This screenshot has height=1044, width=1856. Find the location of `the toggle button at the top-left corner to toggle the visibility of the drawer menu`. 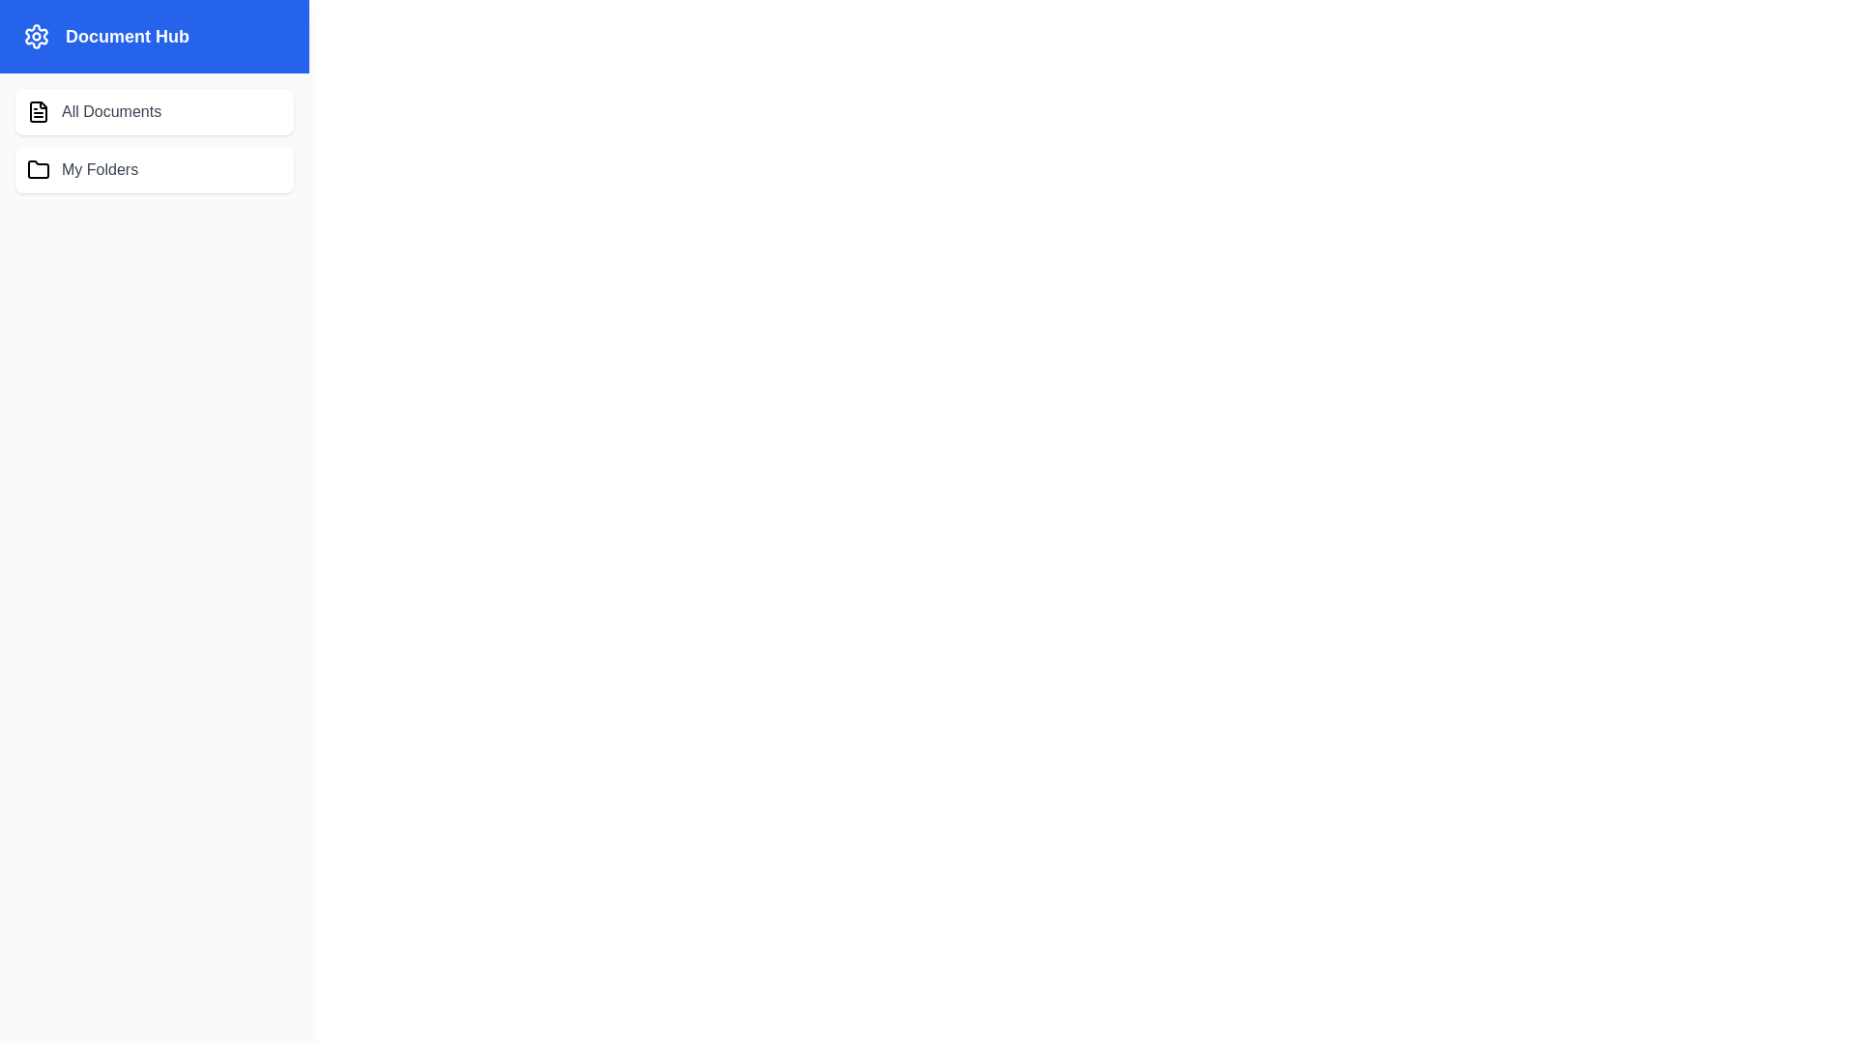

the toggle button at the top-left corner to toggle the visibility of the drawer menu is located at coordinates (50, 53).